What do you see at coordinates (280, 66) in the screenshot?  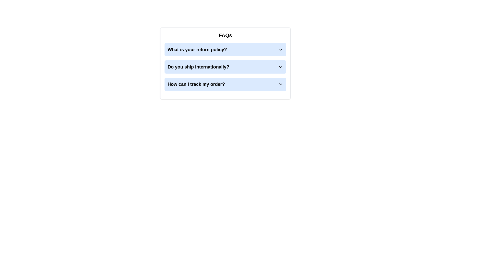 I see `the downward-facing chevron icon positioned to the right of the blue rectangular text box containing the question 'Do you ship internationally?'` at bounding box center [280, 66].